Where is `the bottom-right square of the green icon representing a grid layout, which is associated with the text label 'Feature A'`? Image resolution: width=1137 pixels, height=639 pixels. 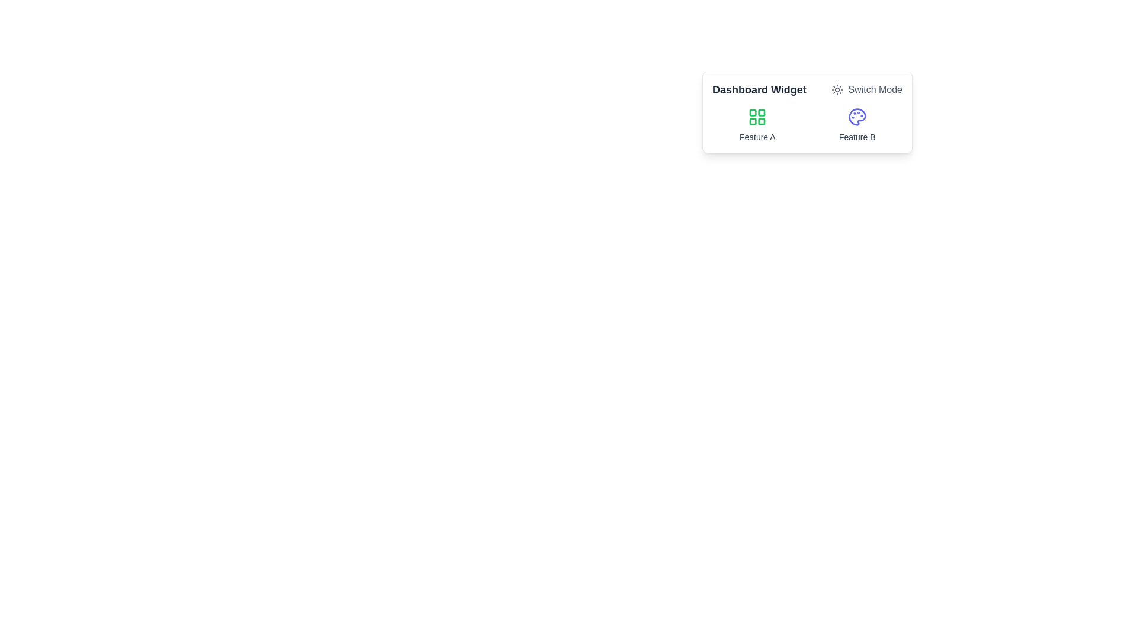
the bottom-right square of the green icon representing a grid layout, which is associated with the text label 'Feature A' is located at coordinates (762, 121).